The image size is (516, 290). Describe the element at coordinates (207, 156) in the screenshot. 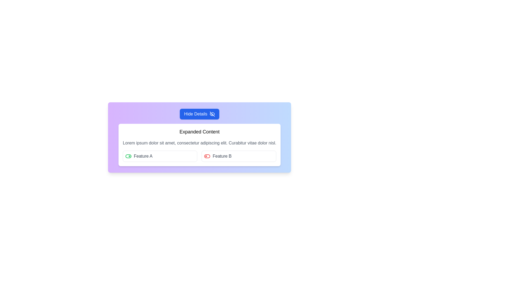

I see `the horizontally elongated rectangular shape with rounded corners and a red background in the 'Feature B' toggle design, located below the 'Expanded Content' text` at that location.